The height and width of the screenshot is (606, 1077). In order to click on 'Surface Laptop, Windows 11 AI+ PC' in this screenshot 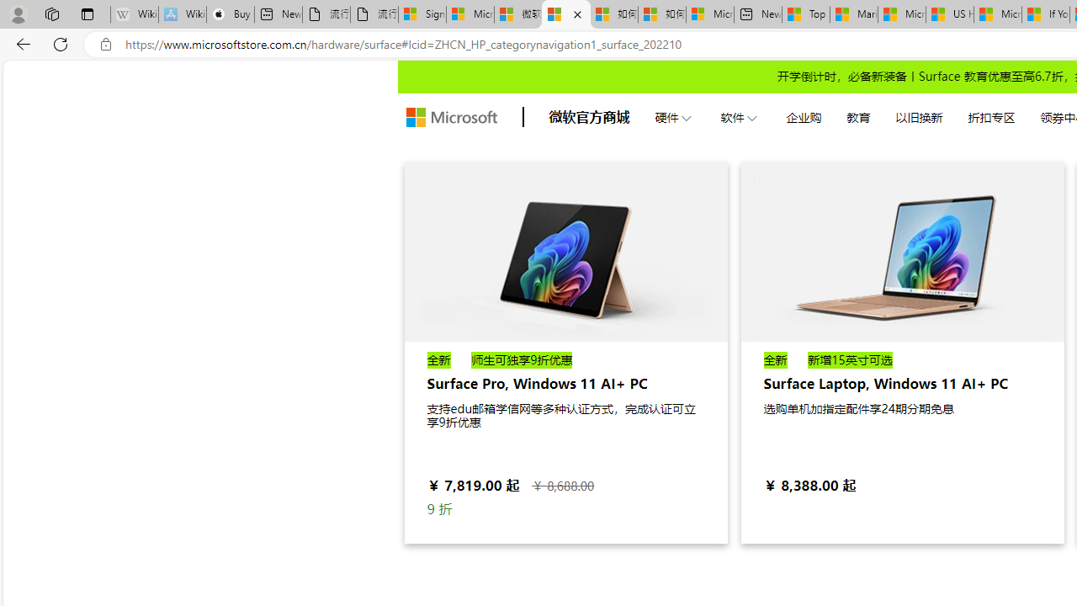, I will do `click(901, 251)`.